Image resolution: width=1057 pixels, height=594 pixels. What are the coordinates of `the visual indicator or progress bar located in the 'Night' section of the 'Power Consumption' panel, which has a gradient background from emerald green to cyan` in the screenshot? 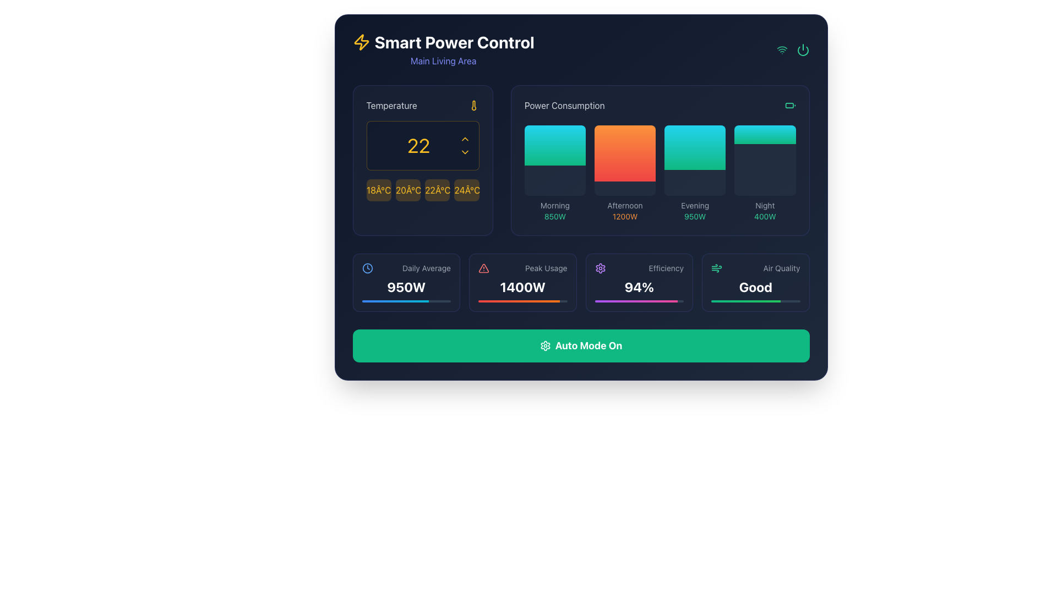 It's located at (764, 134).